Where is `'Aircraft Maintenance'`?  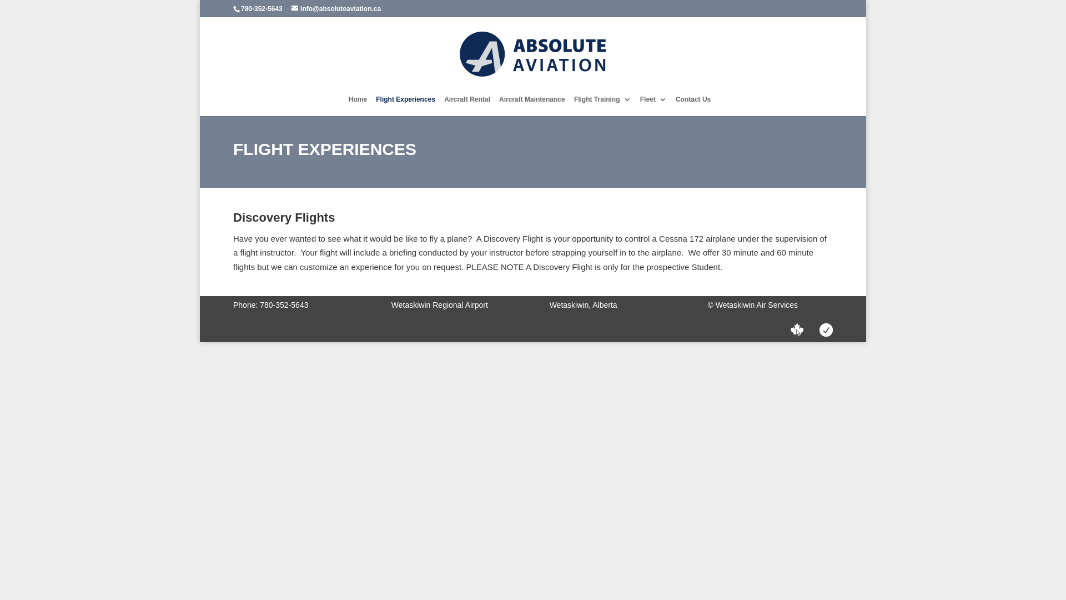
'Aircraft Maintenance' is located at coordinates (531, 106).